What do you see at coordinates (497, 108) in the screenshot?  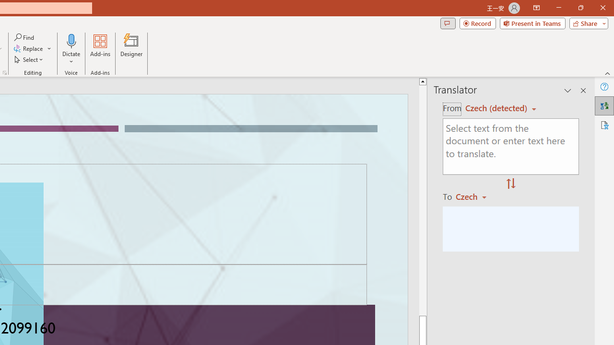 I see `'Czech (detected)'` at bounding box center [497, 108].